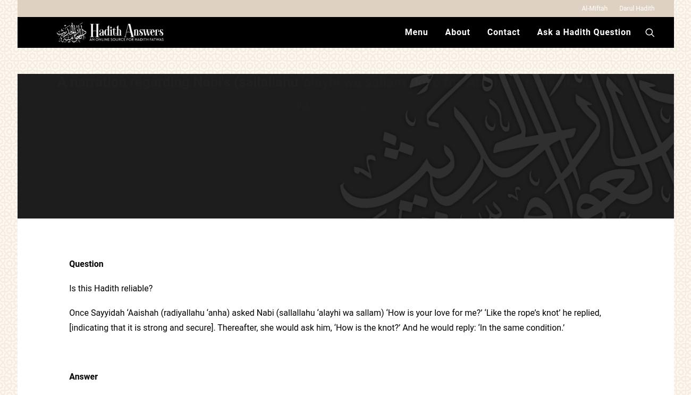 This screenshot has height=395, width=691. Describe the element at coordinates (69, 320) in the screenshot. I see `'Once Sayyidah ‘Aaishah (radiyallahu ‘anha) asked Nabi (sallallahu ‘alayhi wa sallam) ‘How is your love for me?’ ‘Like the rope’s knot’ he replied, [indicating that it is strong and secure]. Thereafter, she would ask him, ‘How is the knot?’ And he would reply: ‘In the same condition.’'` at that location.